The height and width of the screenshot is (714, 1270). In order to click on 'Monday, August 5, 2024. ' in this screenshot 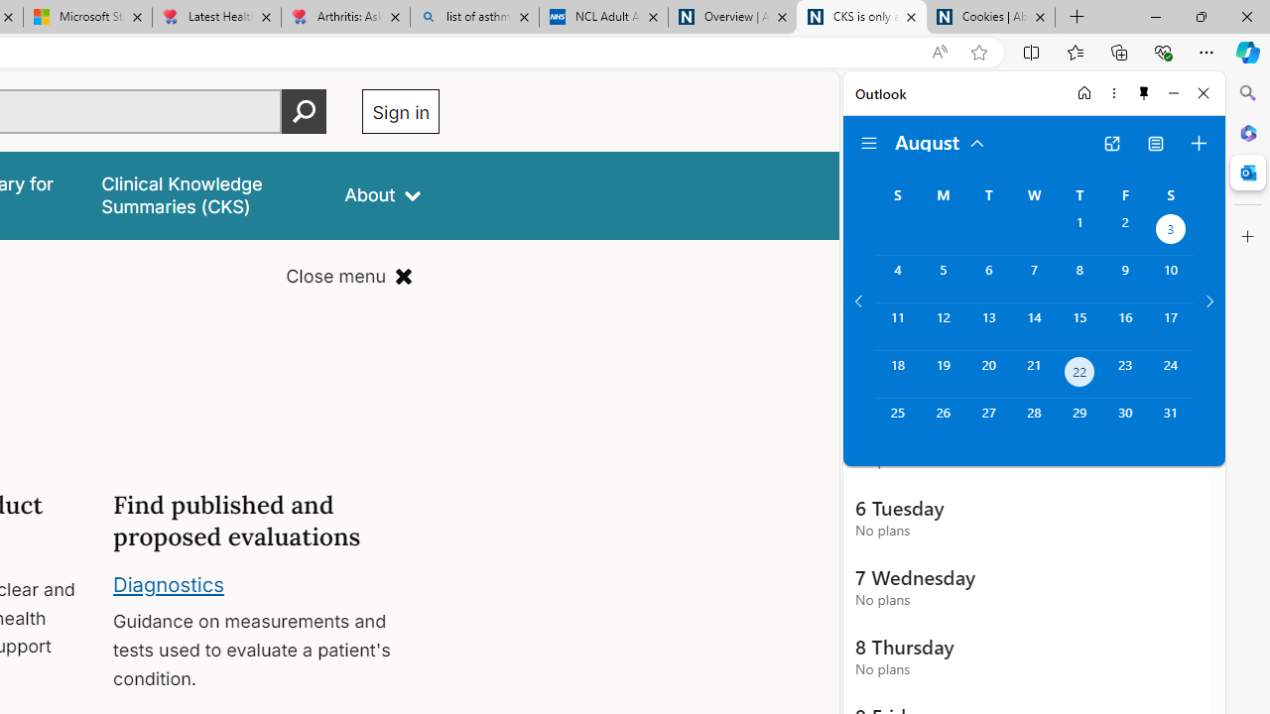, I will do `click(942, 279)`.